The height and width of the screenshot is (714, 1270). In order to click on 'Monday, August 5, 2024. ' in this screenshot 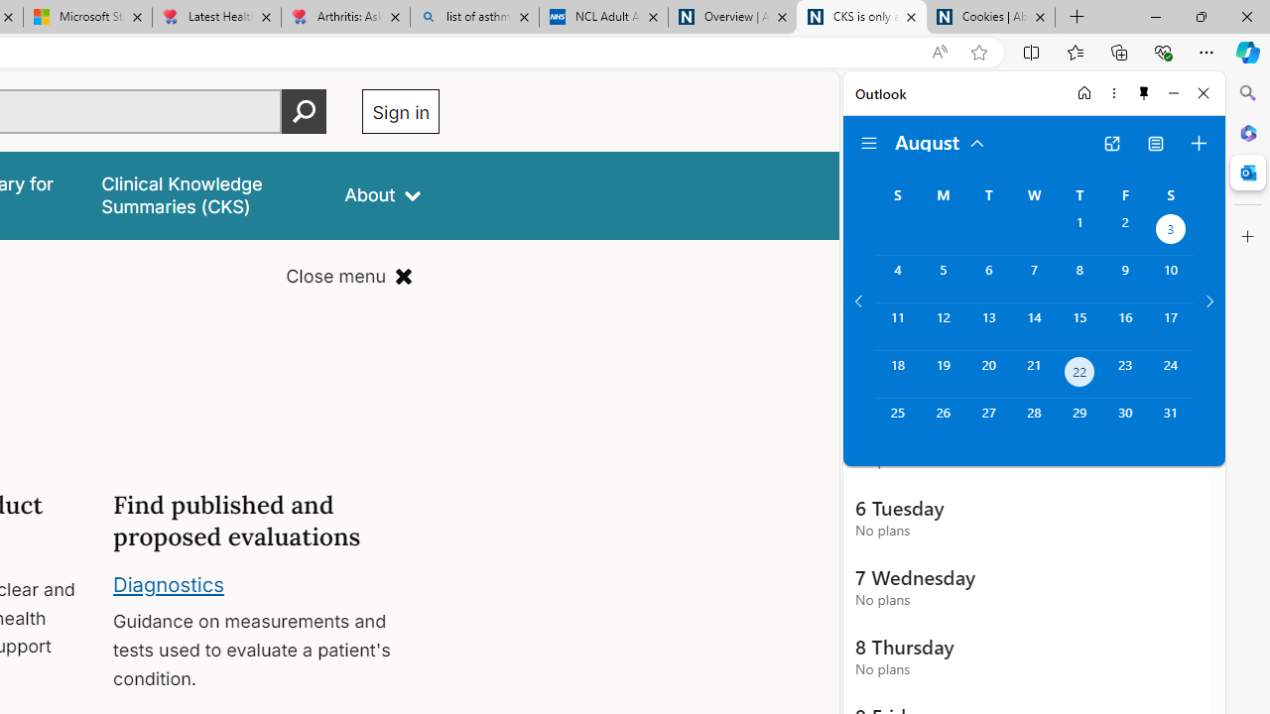, I will do `click(942, 279)`.